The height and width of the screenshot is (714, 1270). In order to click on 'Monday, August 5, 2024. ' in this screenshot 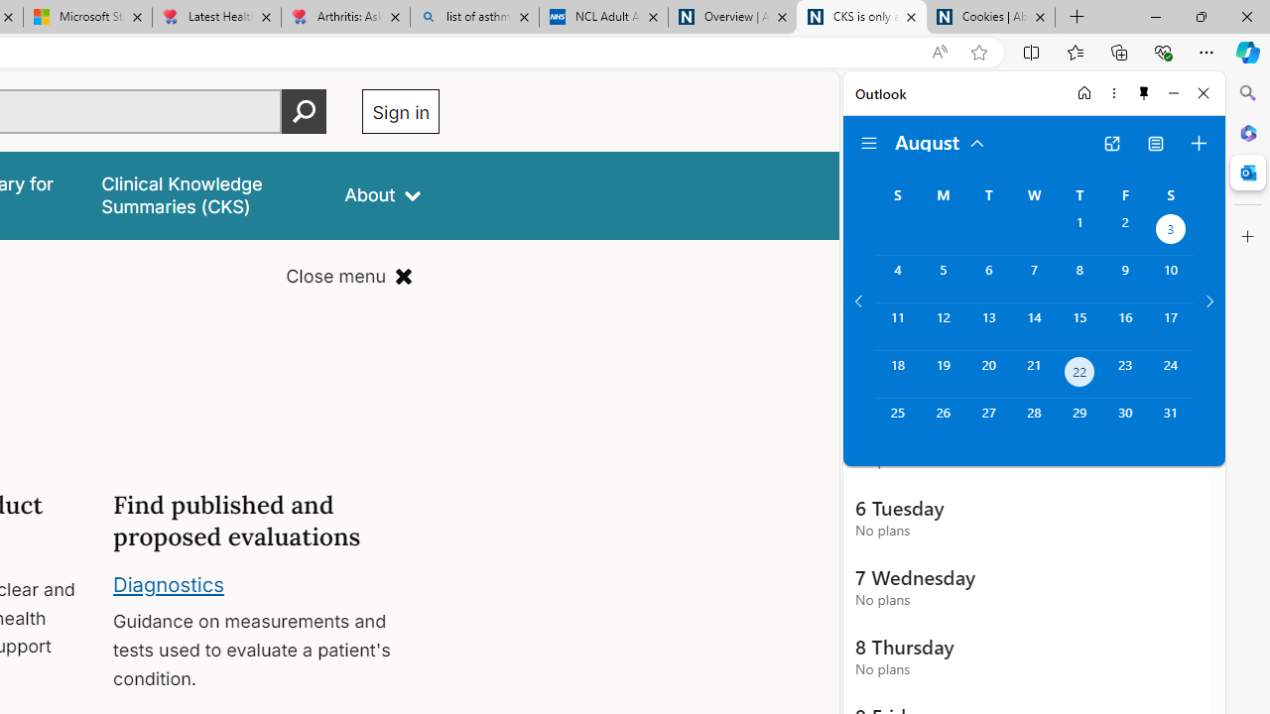, I will do `click(942, 279)`.